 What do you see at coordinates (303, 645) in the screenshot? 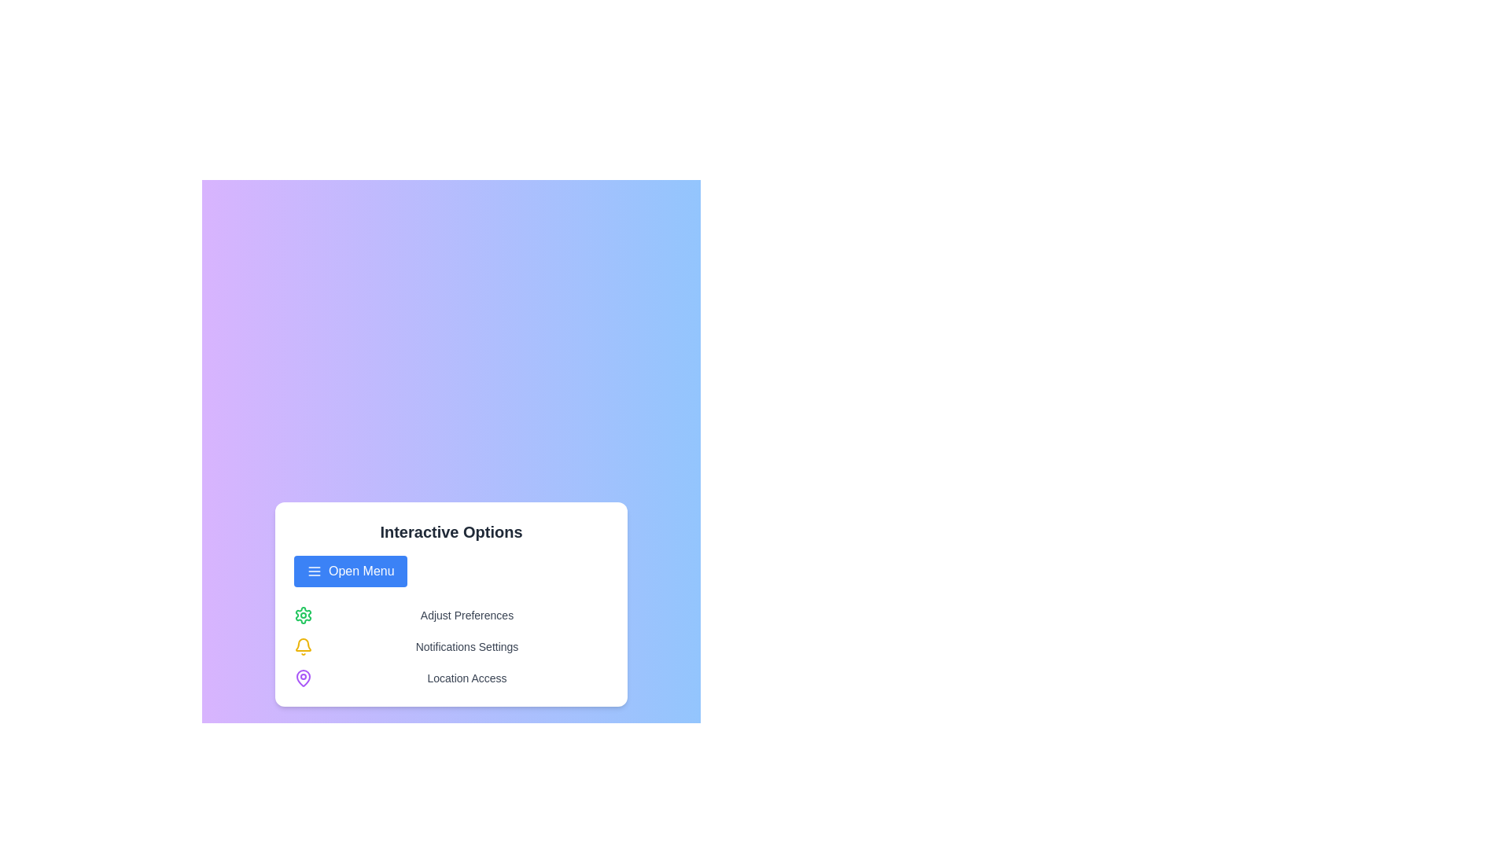
I see `the second bell icon in the vertical list, which is styled with a yellow outline and minimalistic design` at bounding box center [303, 645].